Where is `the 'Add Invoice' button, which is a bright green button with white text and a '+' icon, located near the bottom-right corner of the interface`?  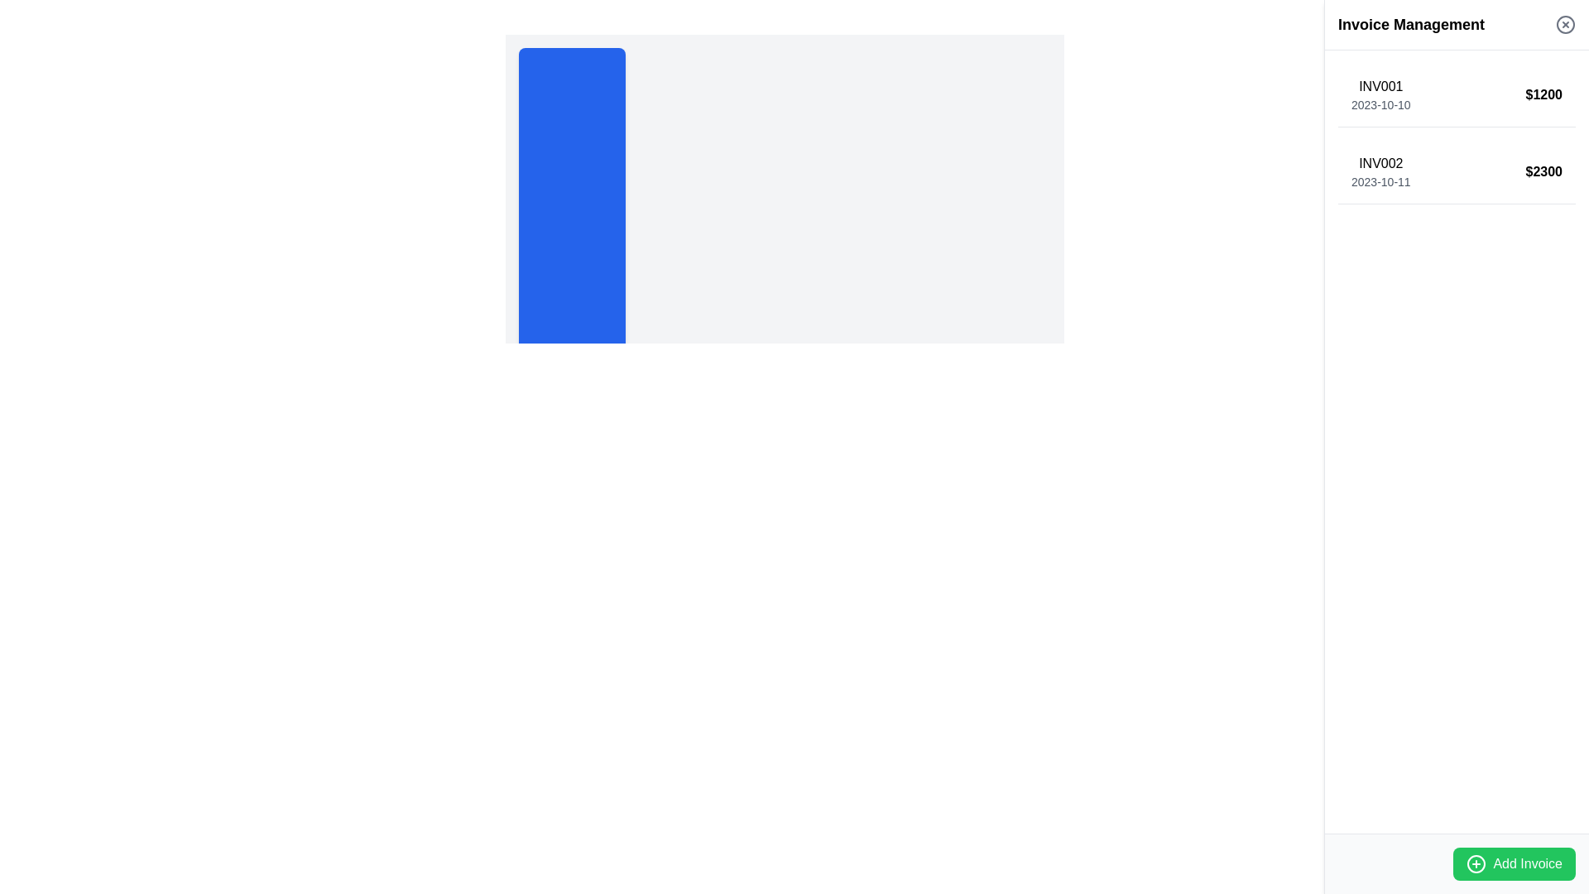
the 'Add Invoice' button, which is a bright green button with white text and a '+' icon, located near the bottom-right corner of the interface is located at coordinates (1515, 863).